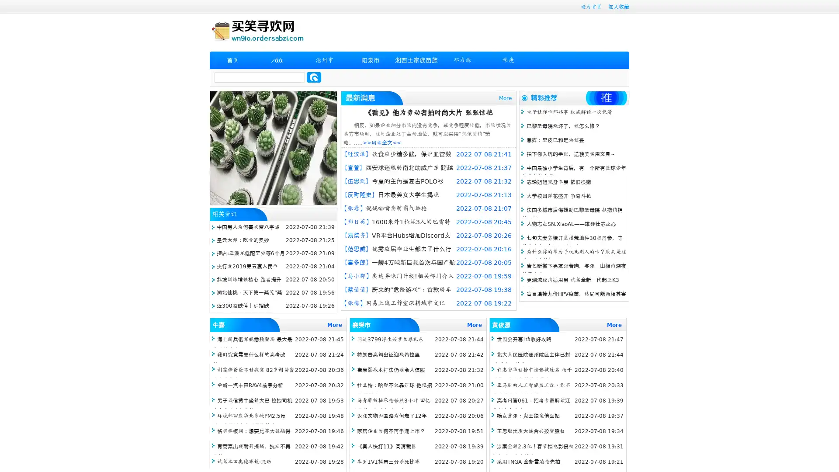 The image size is (839, 472). What do you see at coordinates (314, 77) in the screenshot?
I see `Search` at bounding box center [314, 77].